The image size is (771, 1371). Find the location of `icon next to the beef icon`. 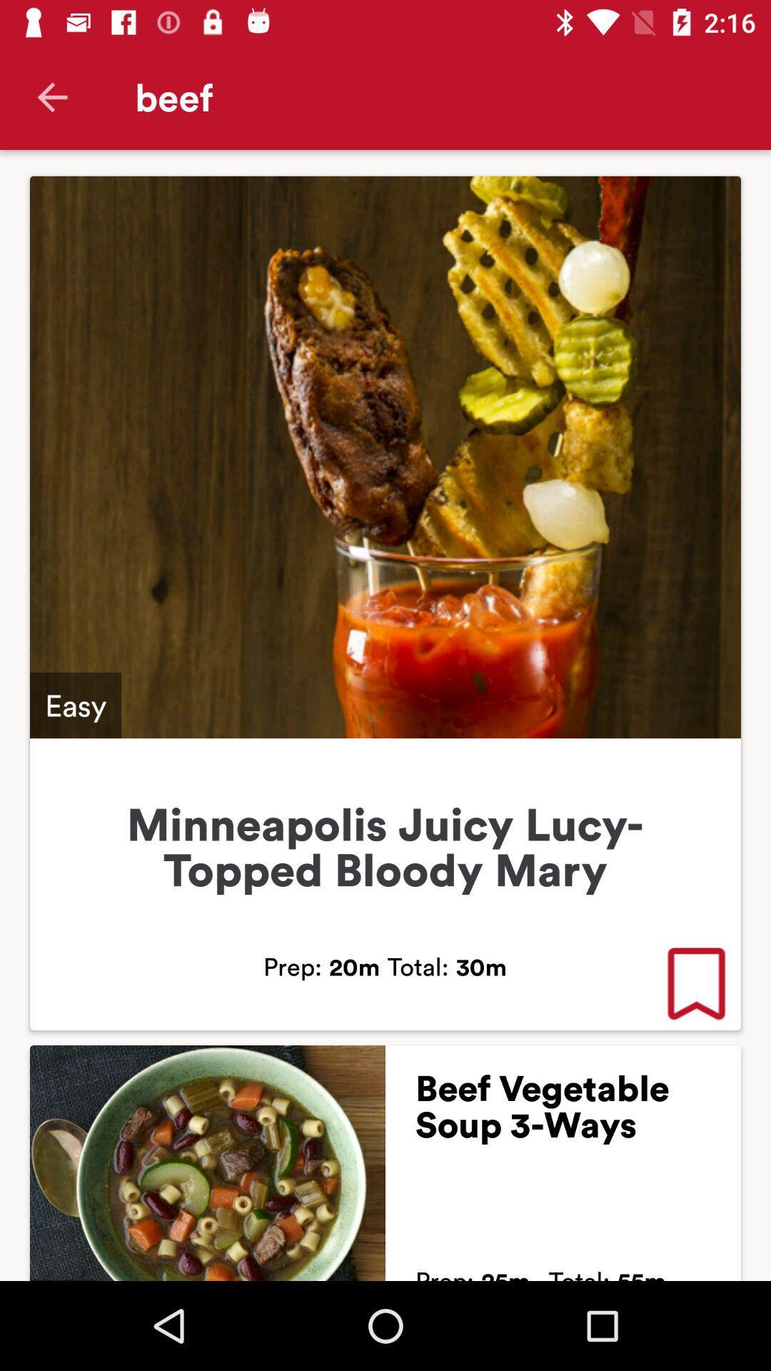

icon next to the beef icon is located at coordinates (51, 96).